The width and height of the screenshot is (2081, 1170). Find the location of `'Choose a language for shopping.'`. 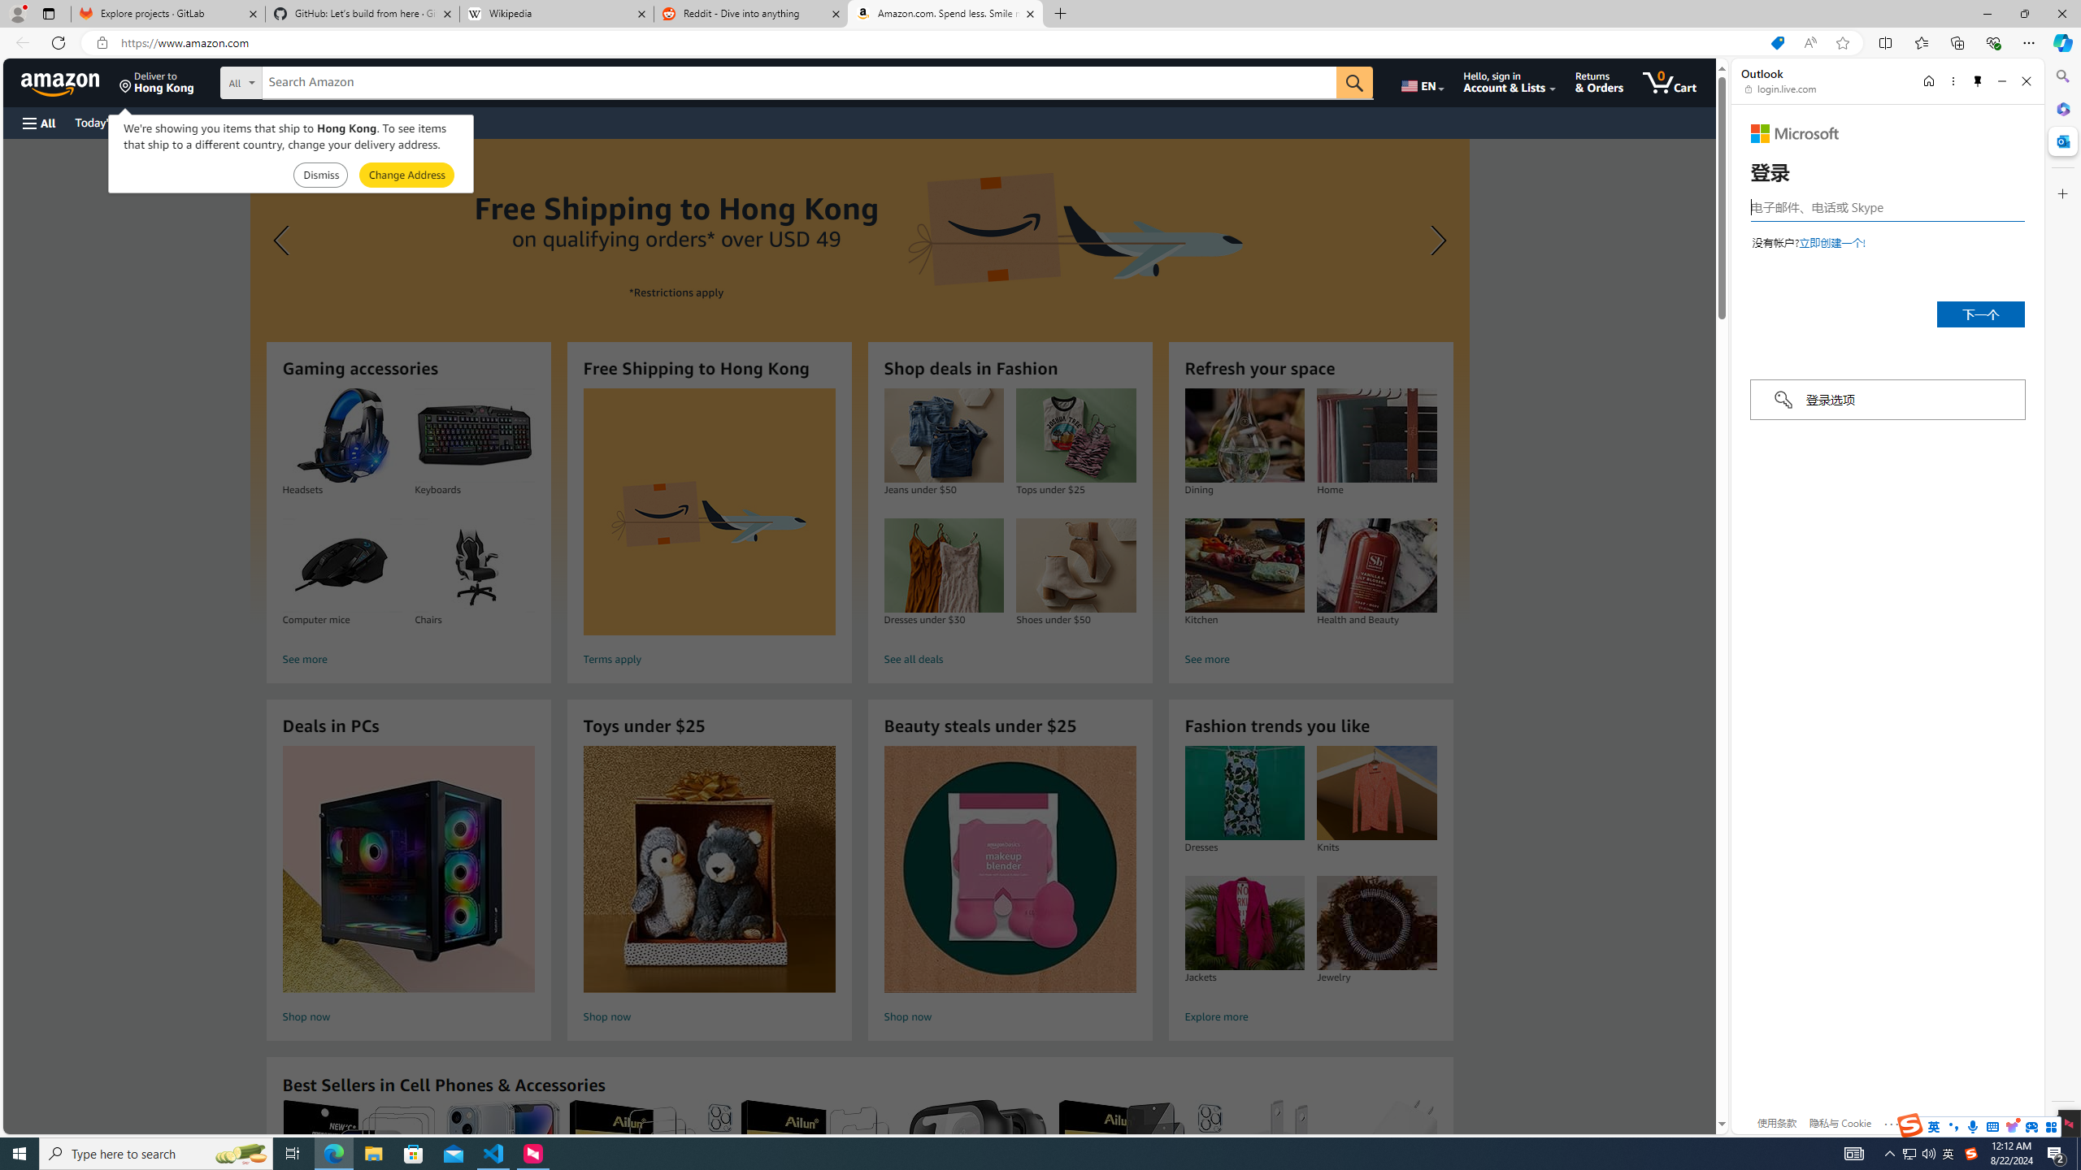

'Choose a language for shopping.' is located at coordinates (1421, 81).